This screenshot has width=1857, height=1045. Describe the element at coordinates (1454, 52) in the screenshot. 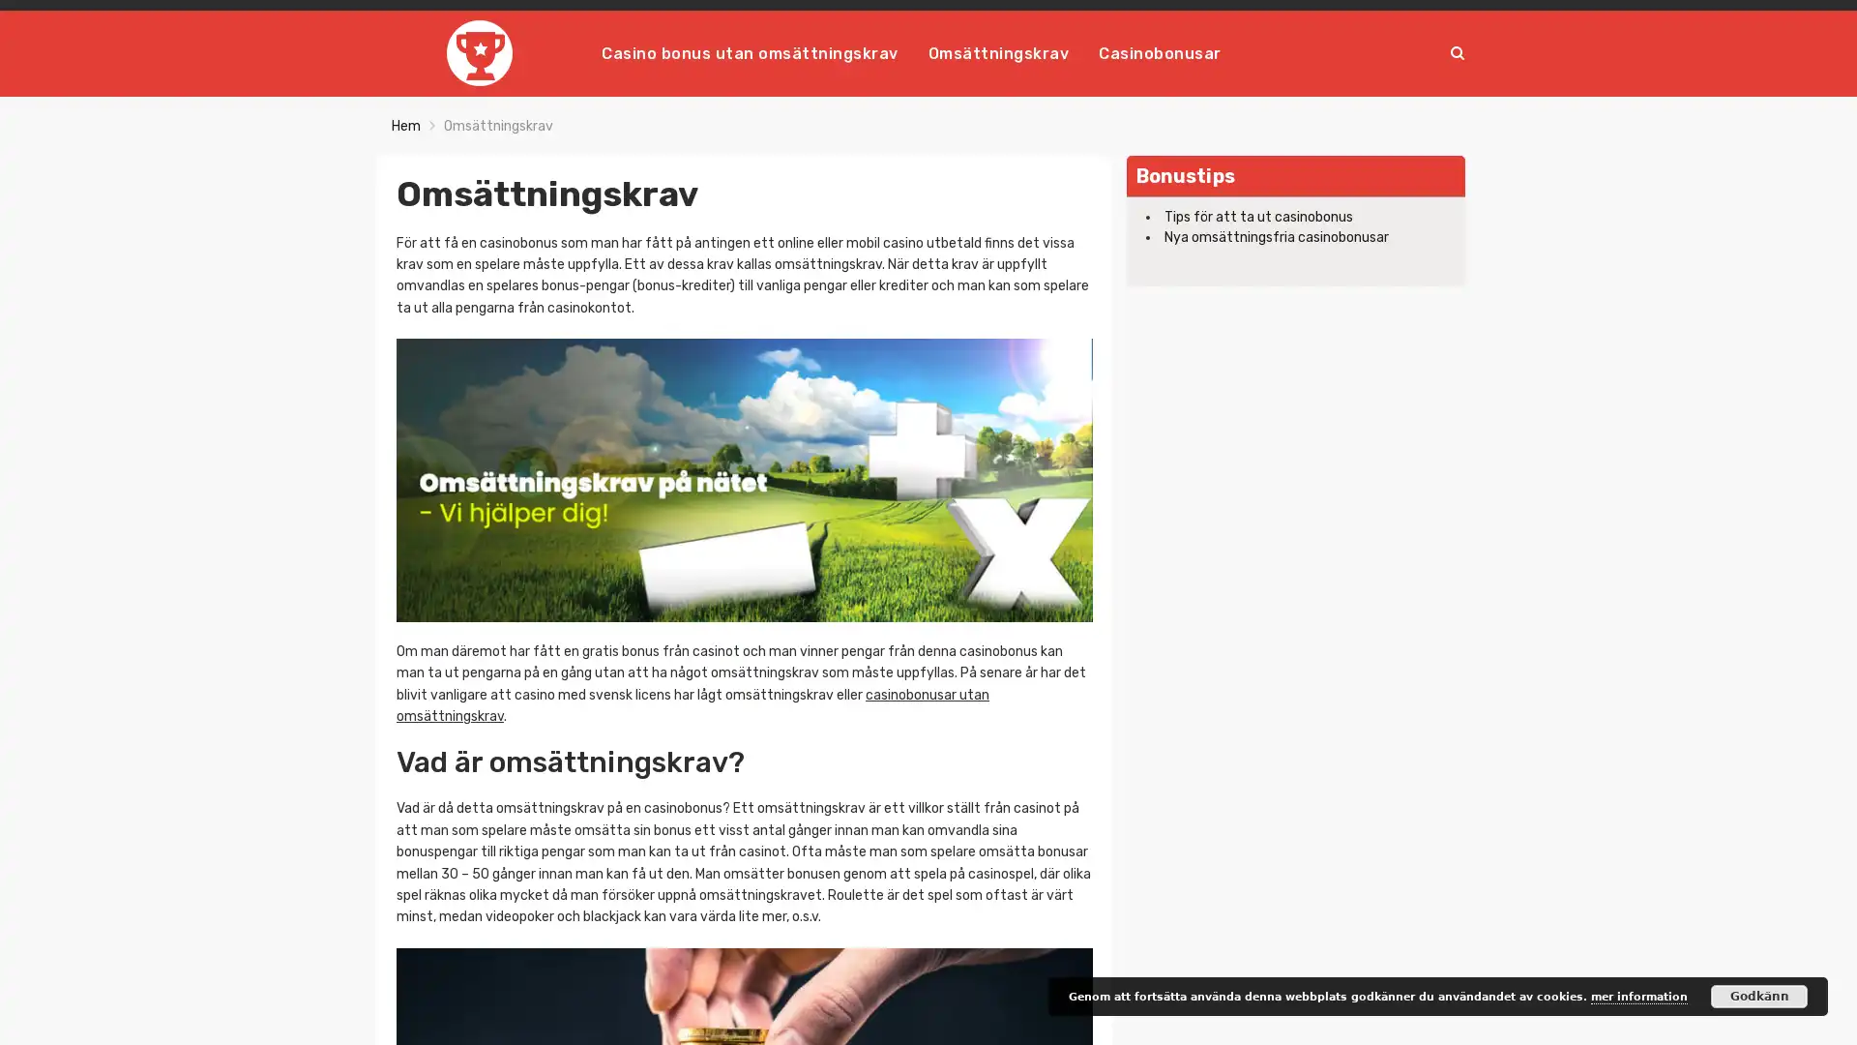

I see `Z` at that location.